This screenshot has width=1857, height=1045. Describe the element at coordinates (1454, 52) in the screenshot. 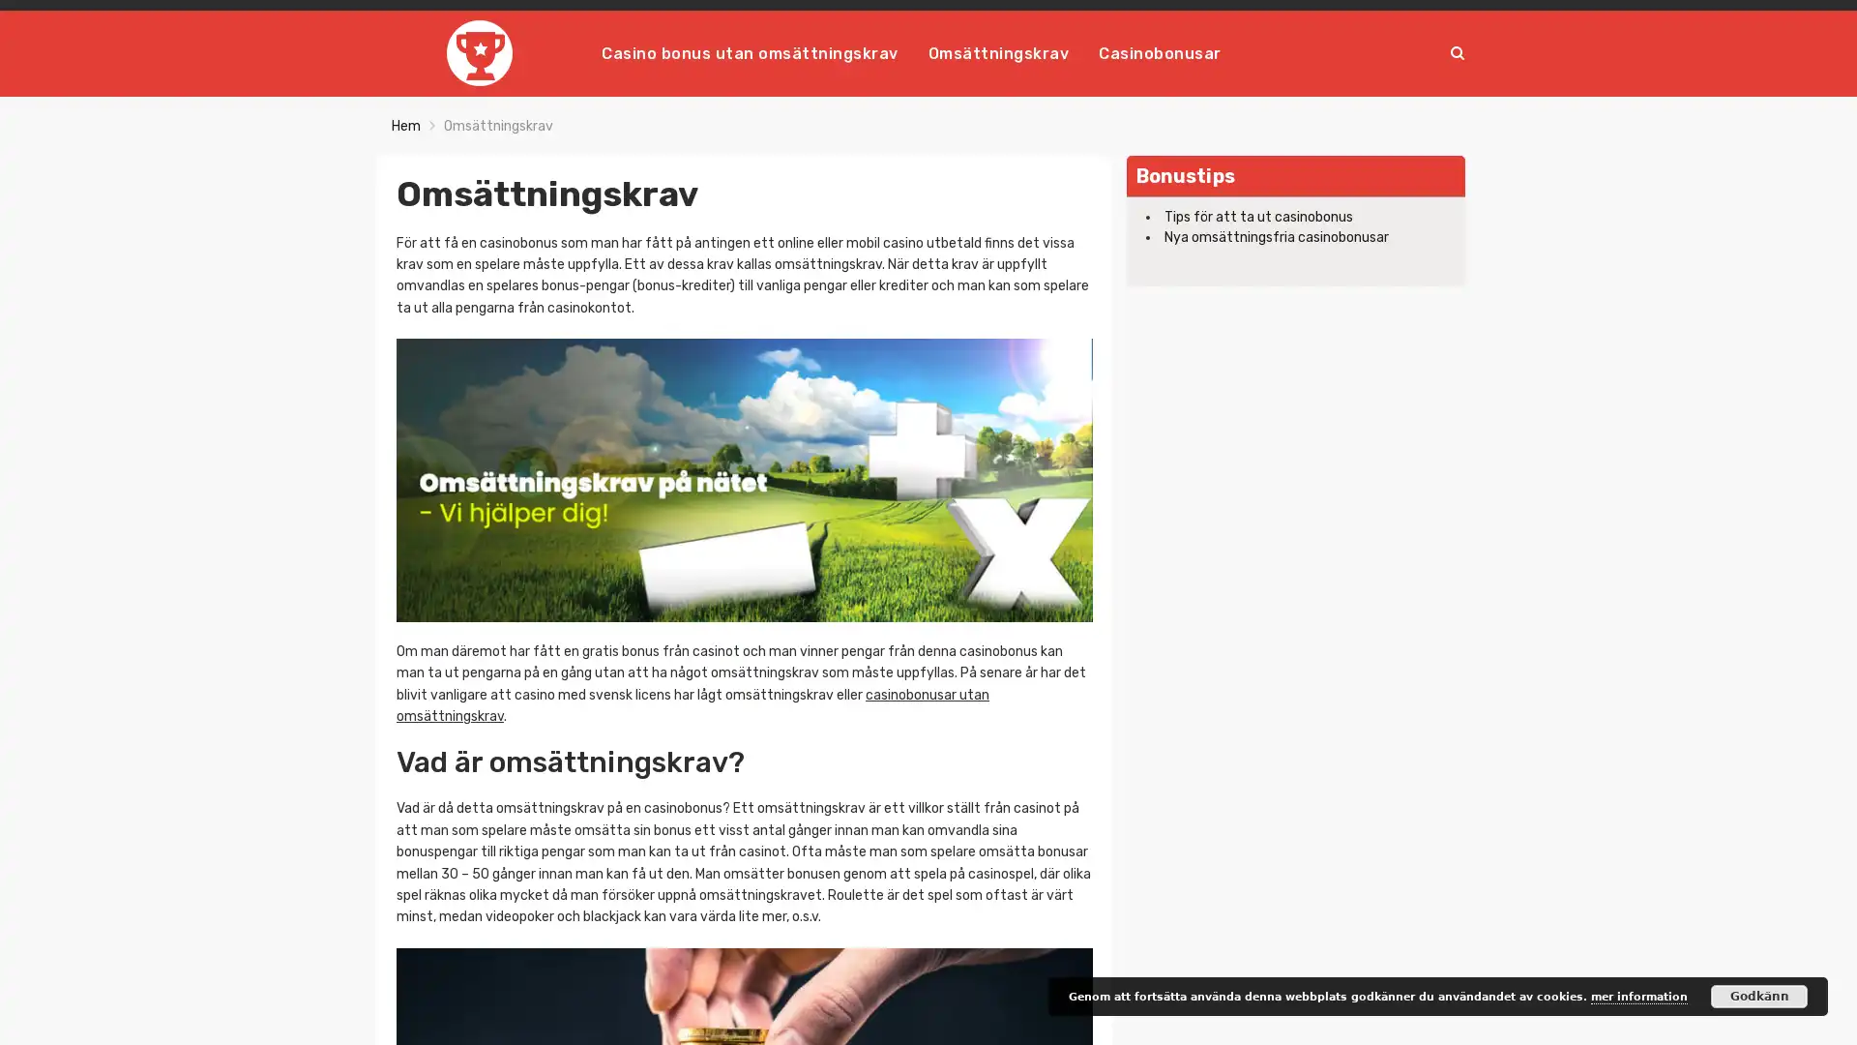

I see `Z` at that location.